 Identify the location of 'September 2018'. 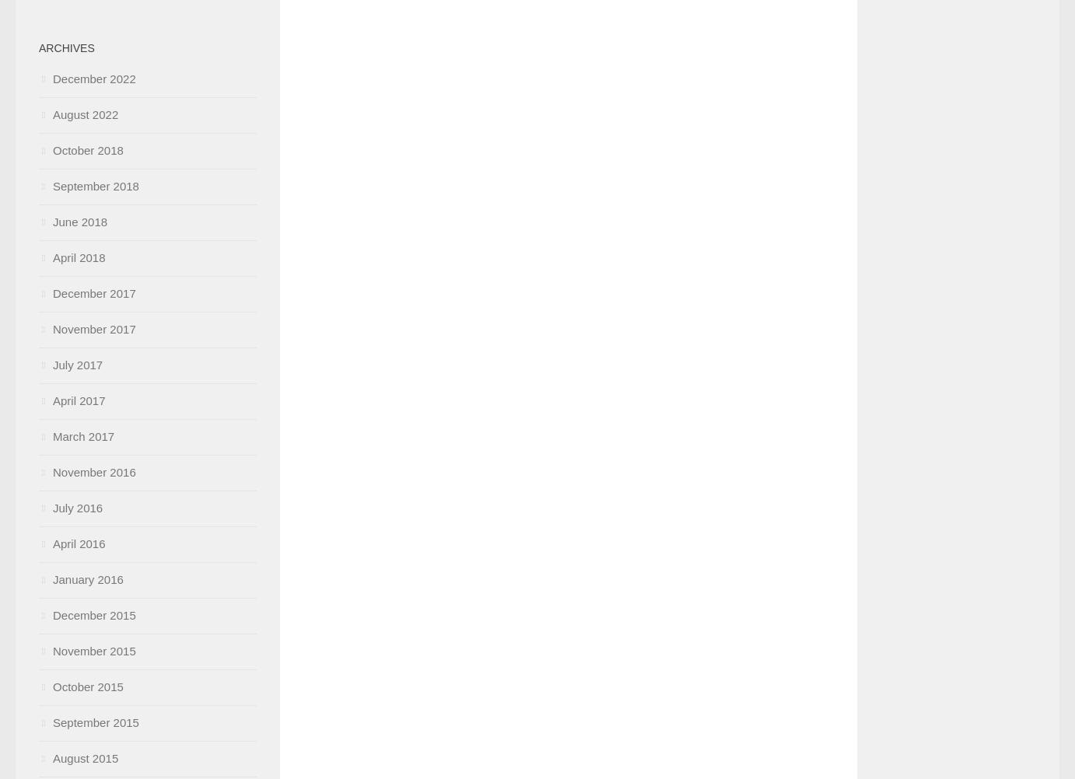
(95, 186).